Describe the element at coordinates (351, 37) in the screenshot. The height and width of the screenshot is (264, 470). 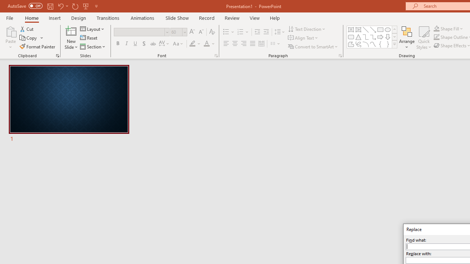
I see `'Rectangle: Rounded Corners'` at that location.